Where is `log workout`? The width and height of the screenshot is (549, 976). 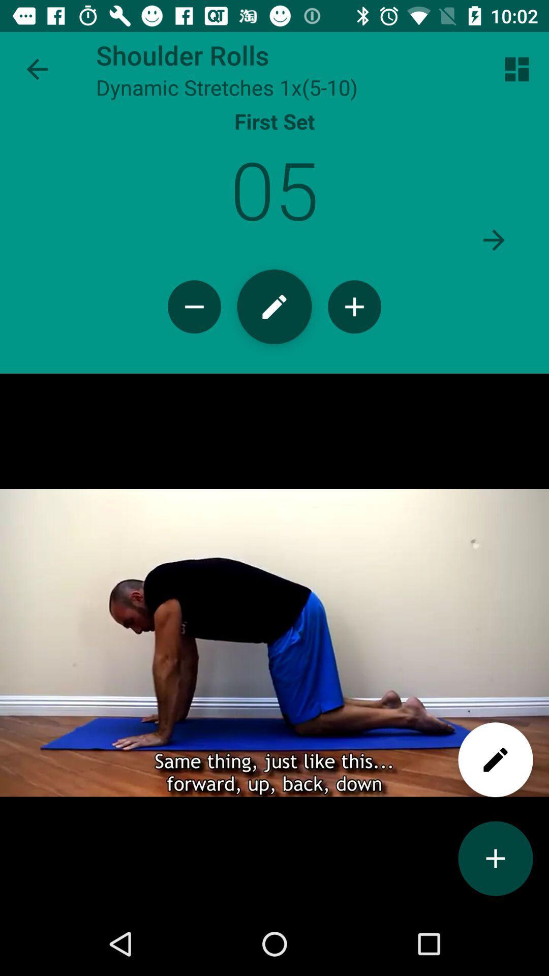 log workout is located at coordinates (274, 306).